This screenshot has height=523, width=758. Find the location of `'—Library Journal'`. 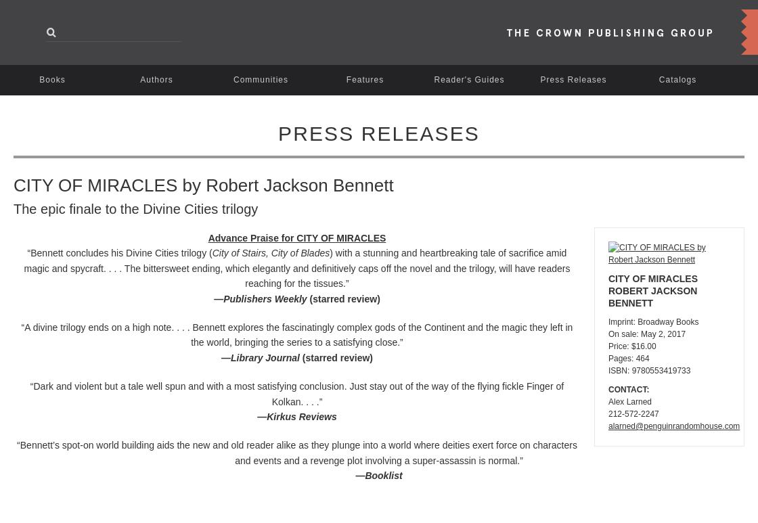

'—Library Journal' is located at coordinates (221, 357).